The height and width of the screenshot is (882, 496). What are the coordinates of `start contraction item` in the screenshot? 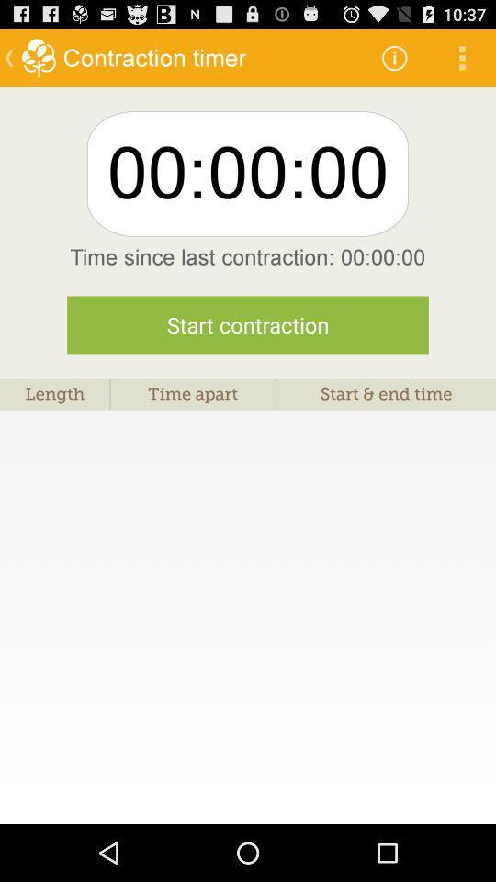 It's located at (248, 324).